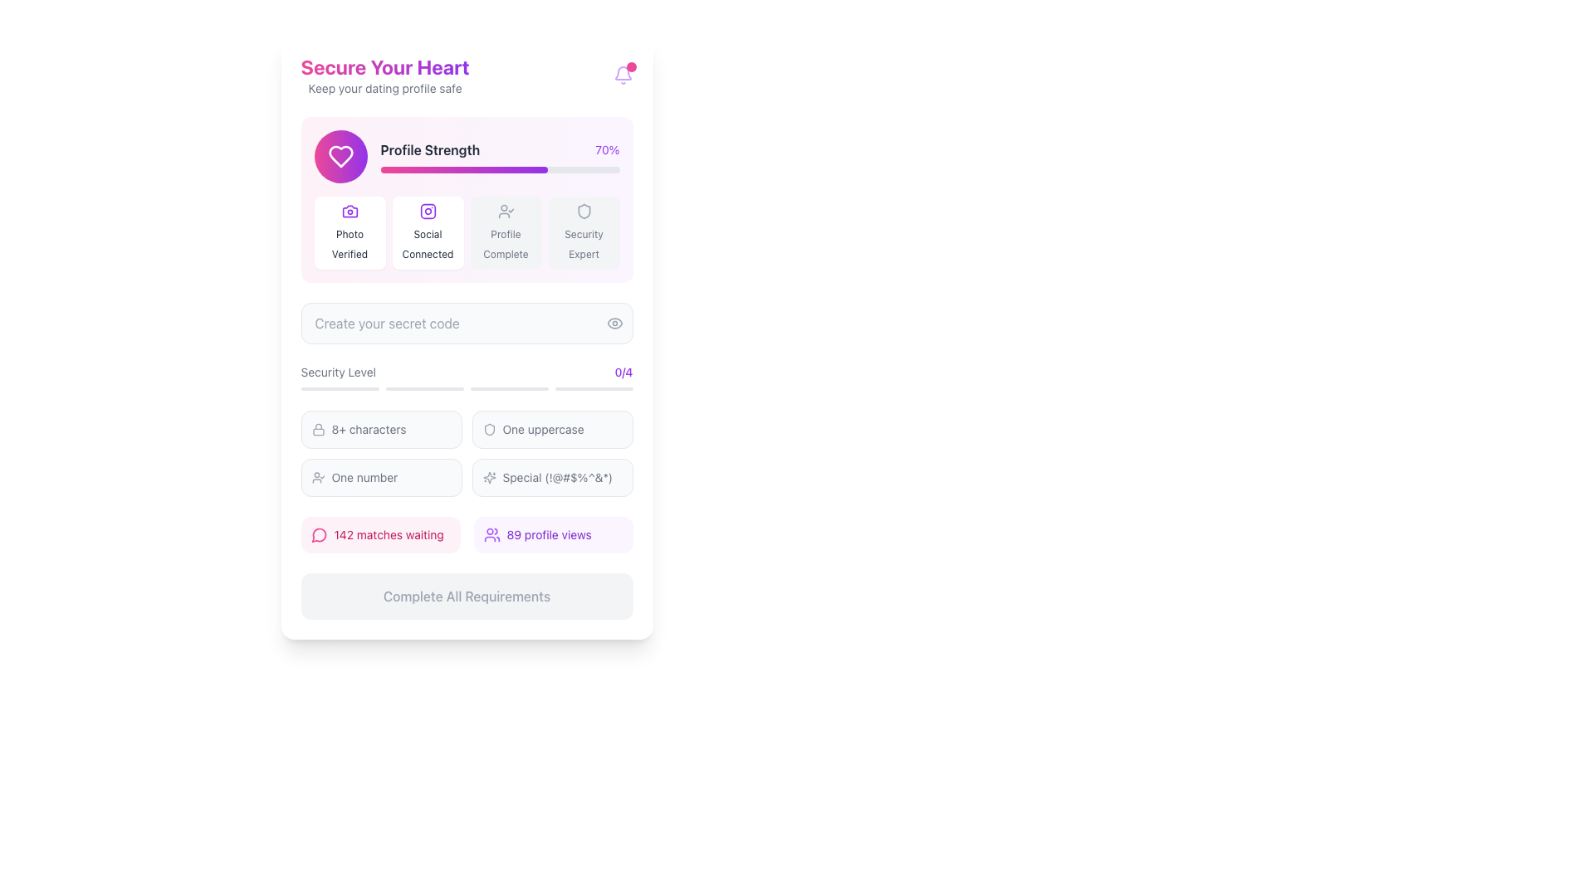  What do you see at coordinates (499, 157) in the screenshot?
I see `the progress bar indicating 'Profile Strength' with the completion percentage '70%' displayed on the right` at bounding box center [499, 157].